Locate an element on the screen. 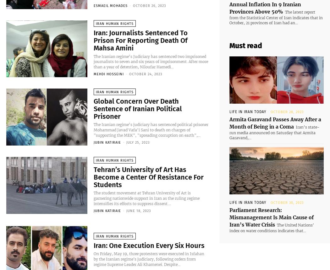  'Armita Garavand Passes Away After a Month of Being in a Coma' is located at coordinates (271, 114).